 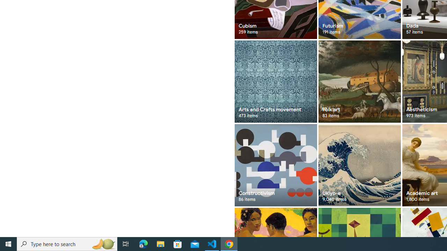 What do you see at coordinates (275, 81) in the screenshot?
I see `'Arts and Crafts movement 473 items'` at bounding box center [275, 81].